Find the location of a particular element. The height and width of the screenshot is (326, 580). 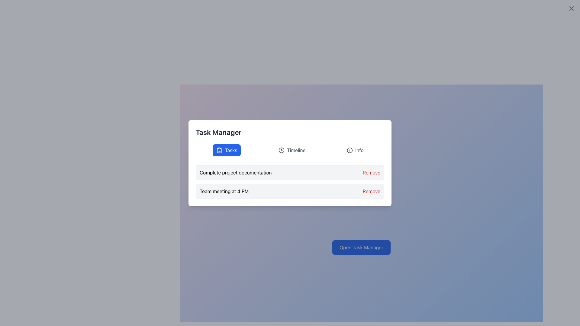

the red text link labeled 'Remove' that is styled with an underline on hover, located to the far right of the 'Team meeting at 4 PM' task label is located at coordinates (371, 191).